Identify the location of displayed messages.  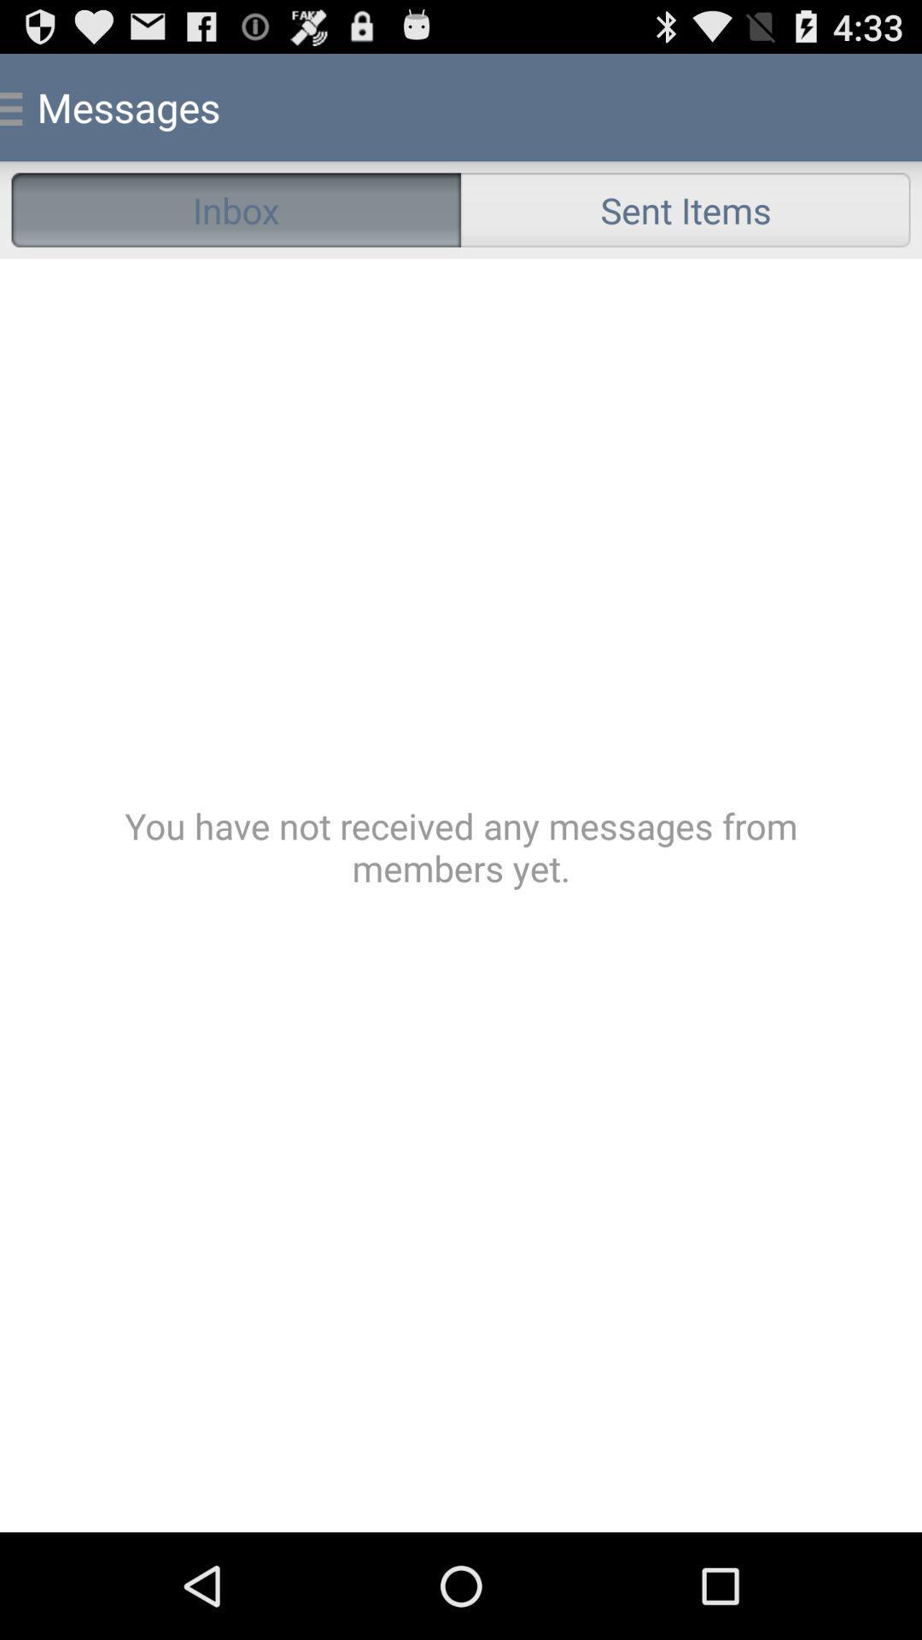
(461, 894).